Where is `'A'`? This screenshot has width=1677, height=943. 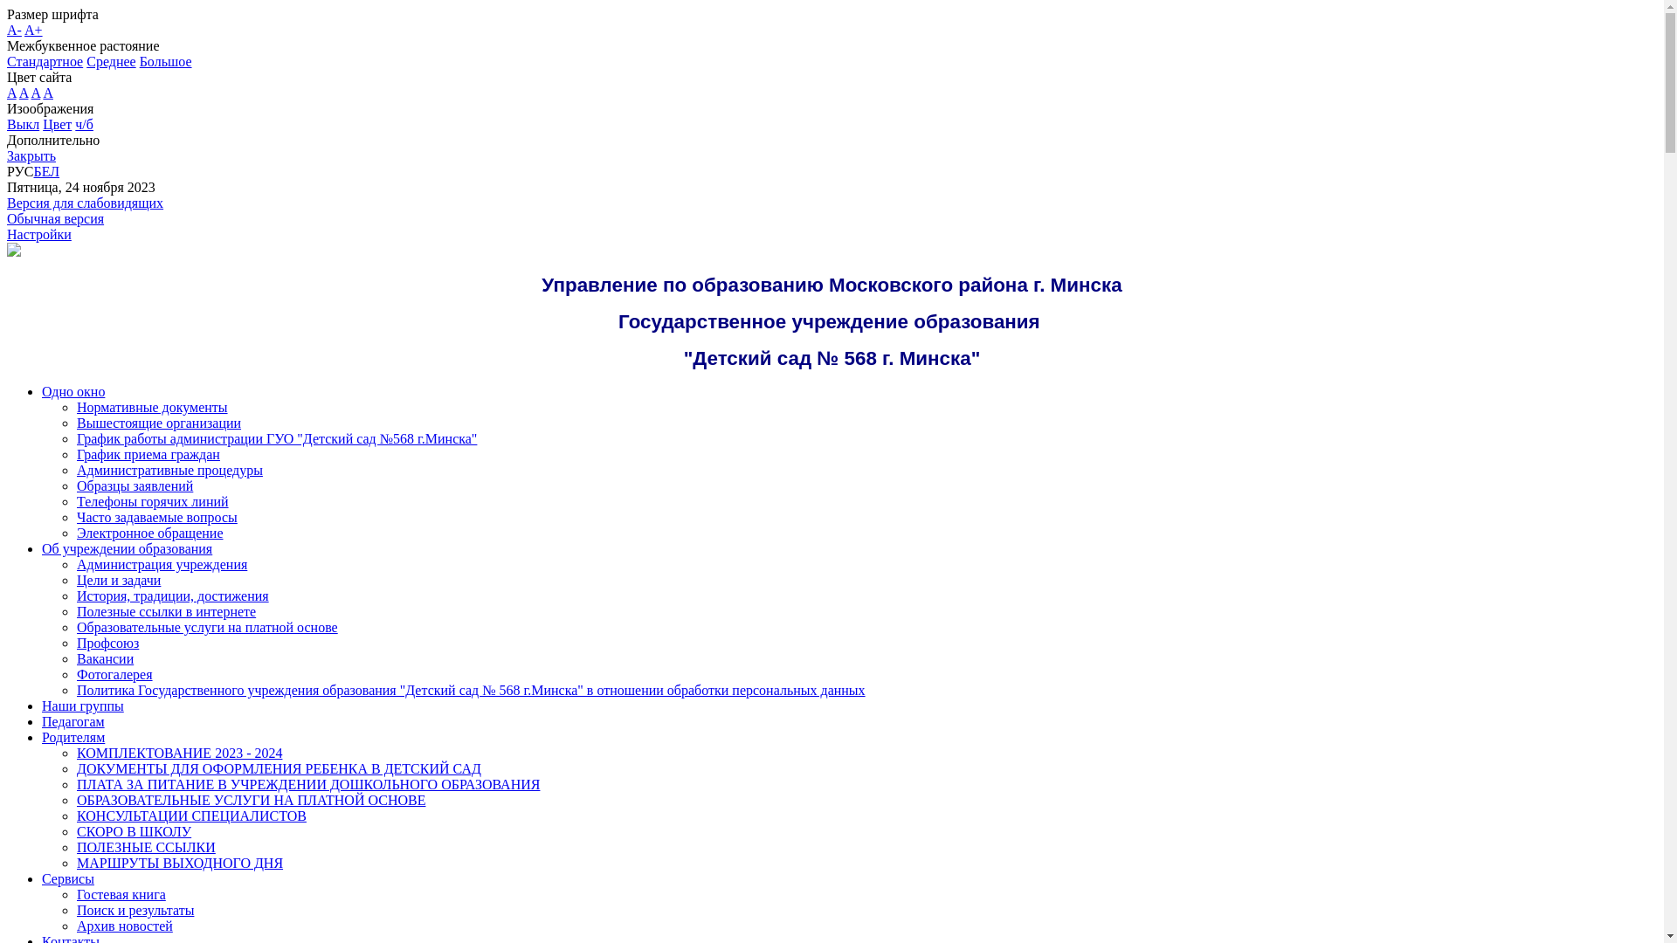
'A' is located at coordinates (31, 93).